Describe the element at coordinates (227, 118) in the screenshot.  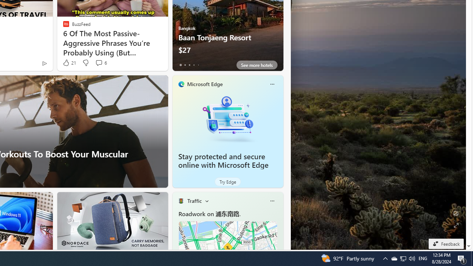
I see `'Stay protected and secure online with Microsoft Edge'` at that location.